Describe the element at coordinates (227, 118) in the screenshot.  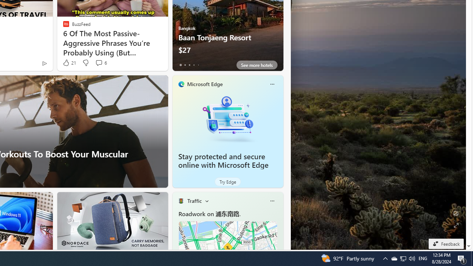
I see `'Stay protected and secure online with Microsoft Edge'` at that location.